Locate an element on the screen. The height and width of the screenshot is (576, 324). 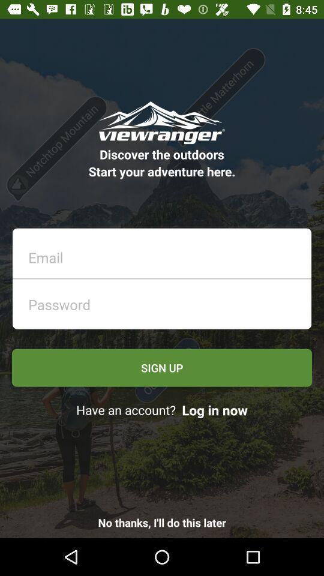
email is located at coordinates (165, 254).